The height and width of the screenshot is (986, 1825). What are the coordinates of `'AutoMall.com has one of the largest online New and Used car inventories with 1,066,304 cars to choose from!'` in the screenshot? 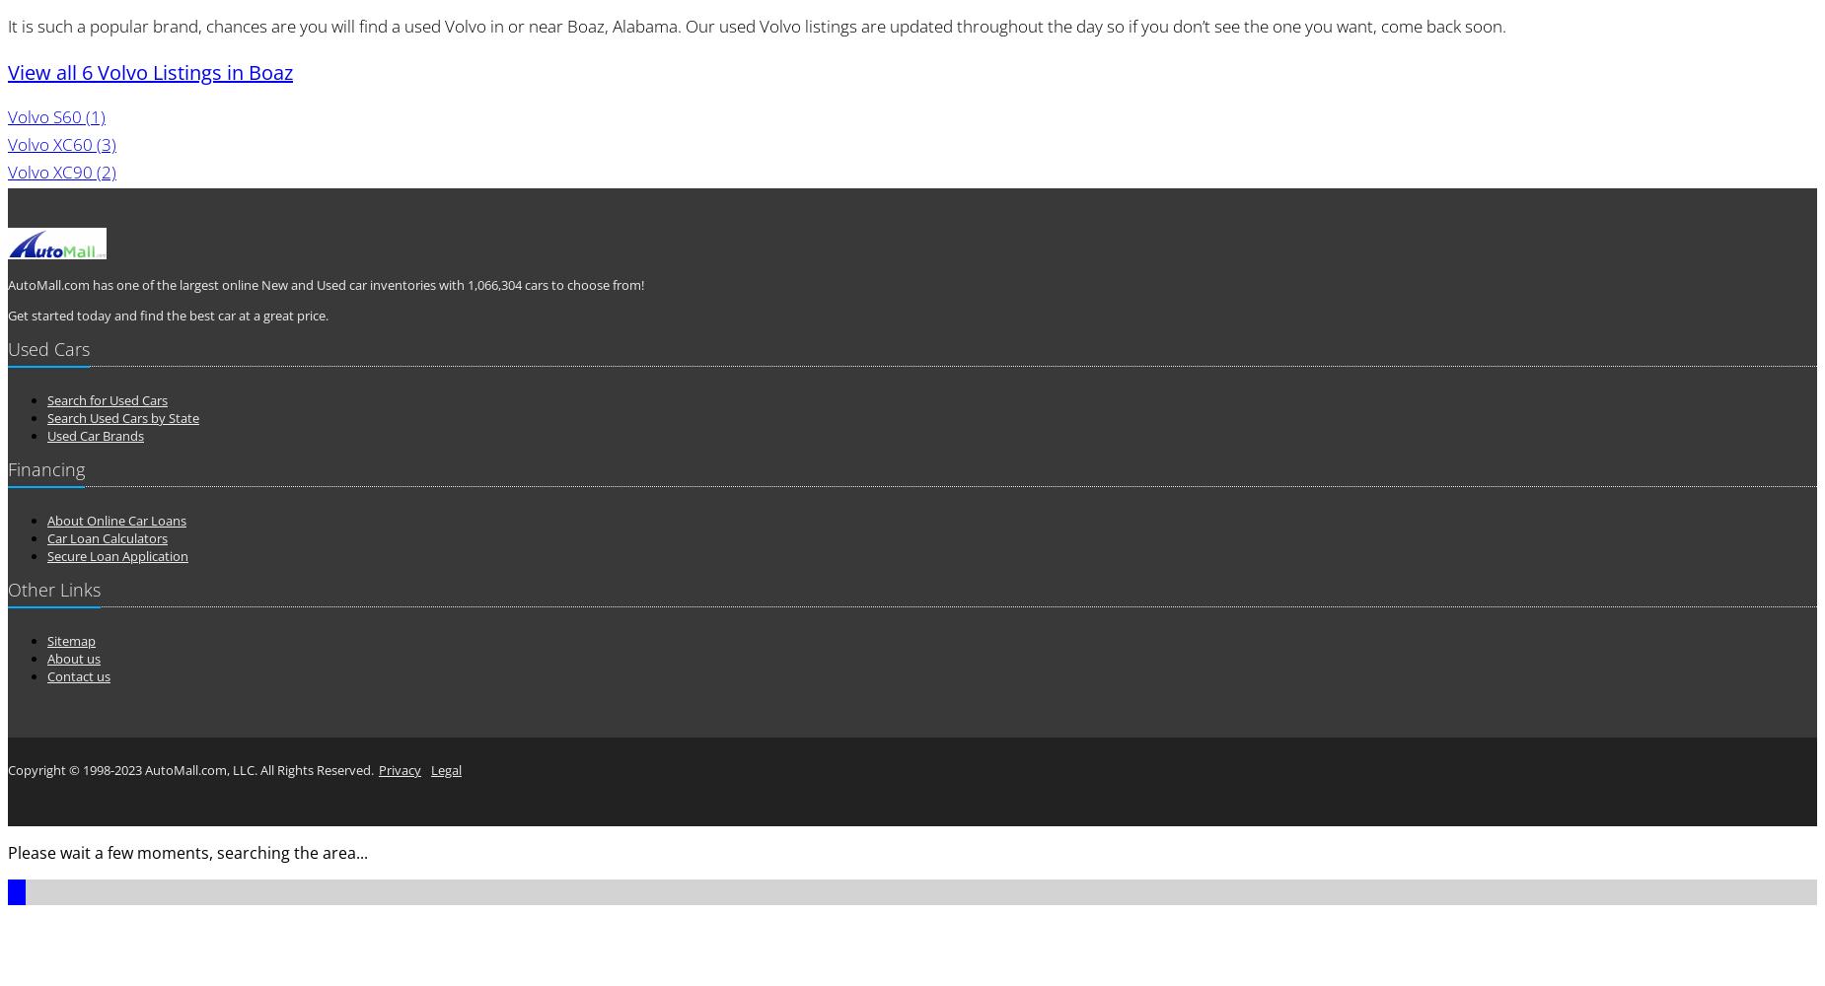 It's located at (6, 285).